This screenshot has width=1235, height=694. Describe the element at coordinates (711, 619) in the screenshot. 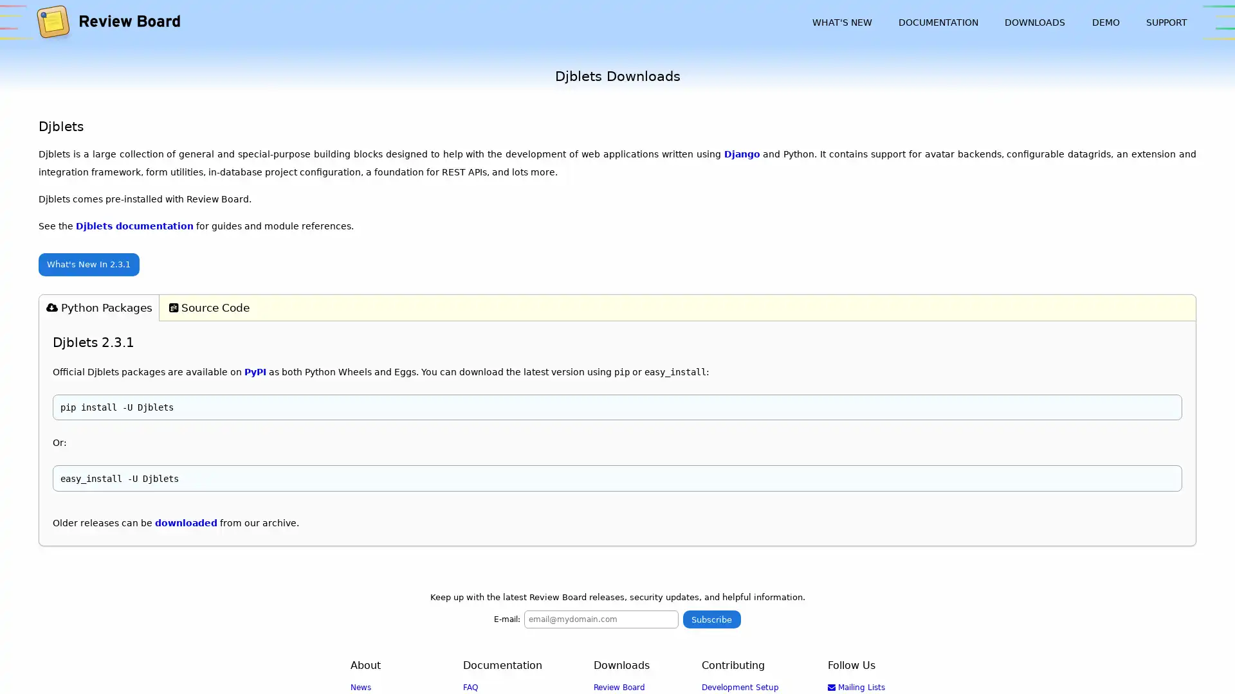

I see `Subscribe` at that location.